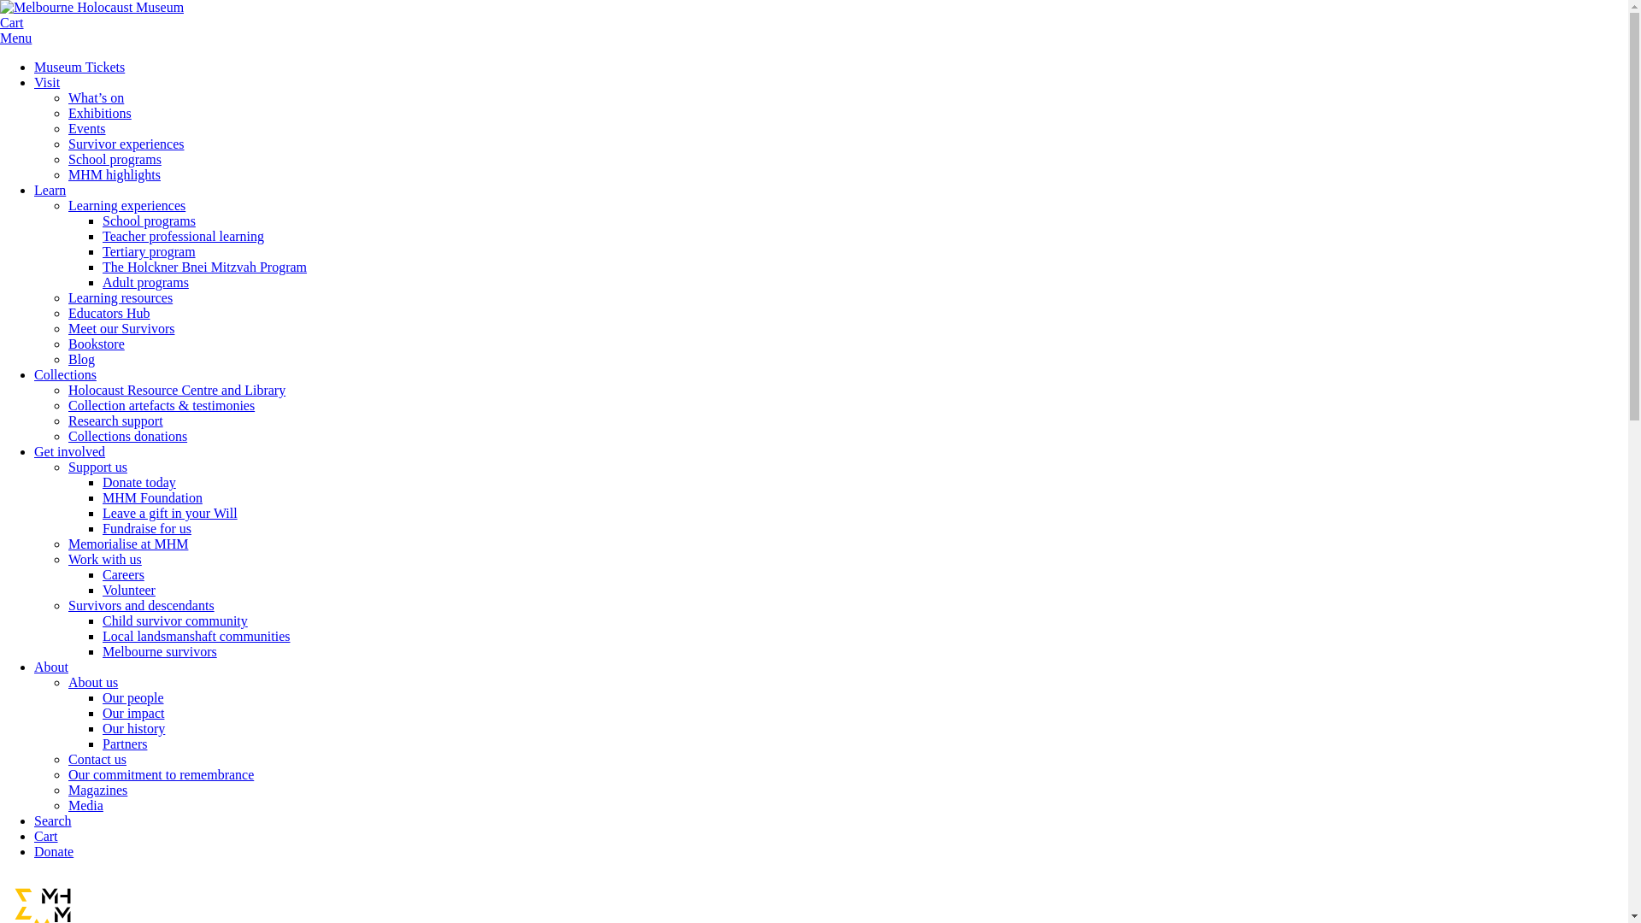 The width and height of the screenshot is (1641, 923). I want to click on 'Survivors and descendants', so click(141, 604).